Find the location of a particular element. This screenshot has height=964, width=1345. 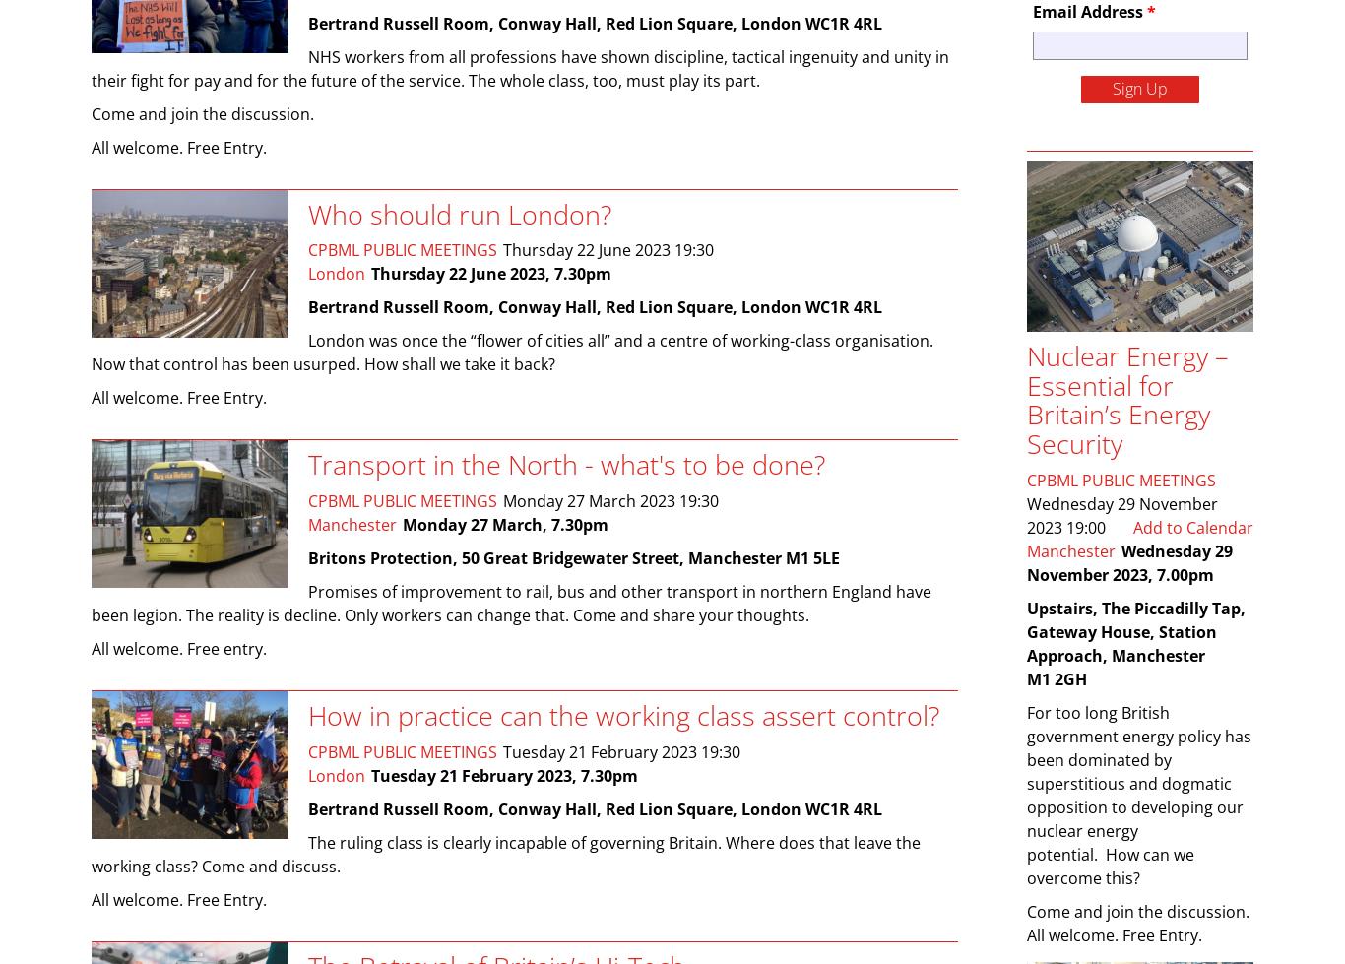

'*' is located at coordinates (1145, 10).